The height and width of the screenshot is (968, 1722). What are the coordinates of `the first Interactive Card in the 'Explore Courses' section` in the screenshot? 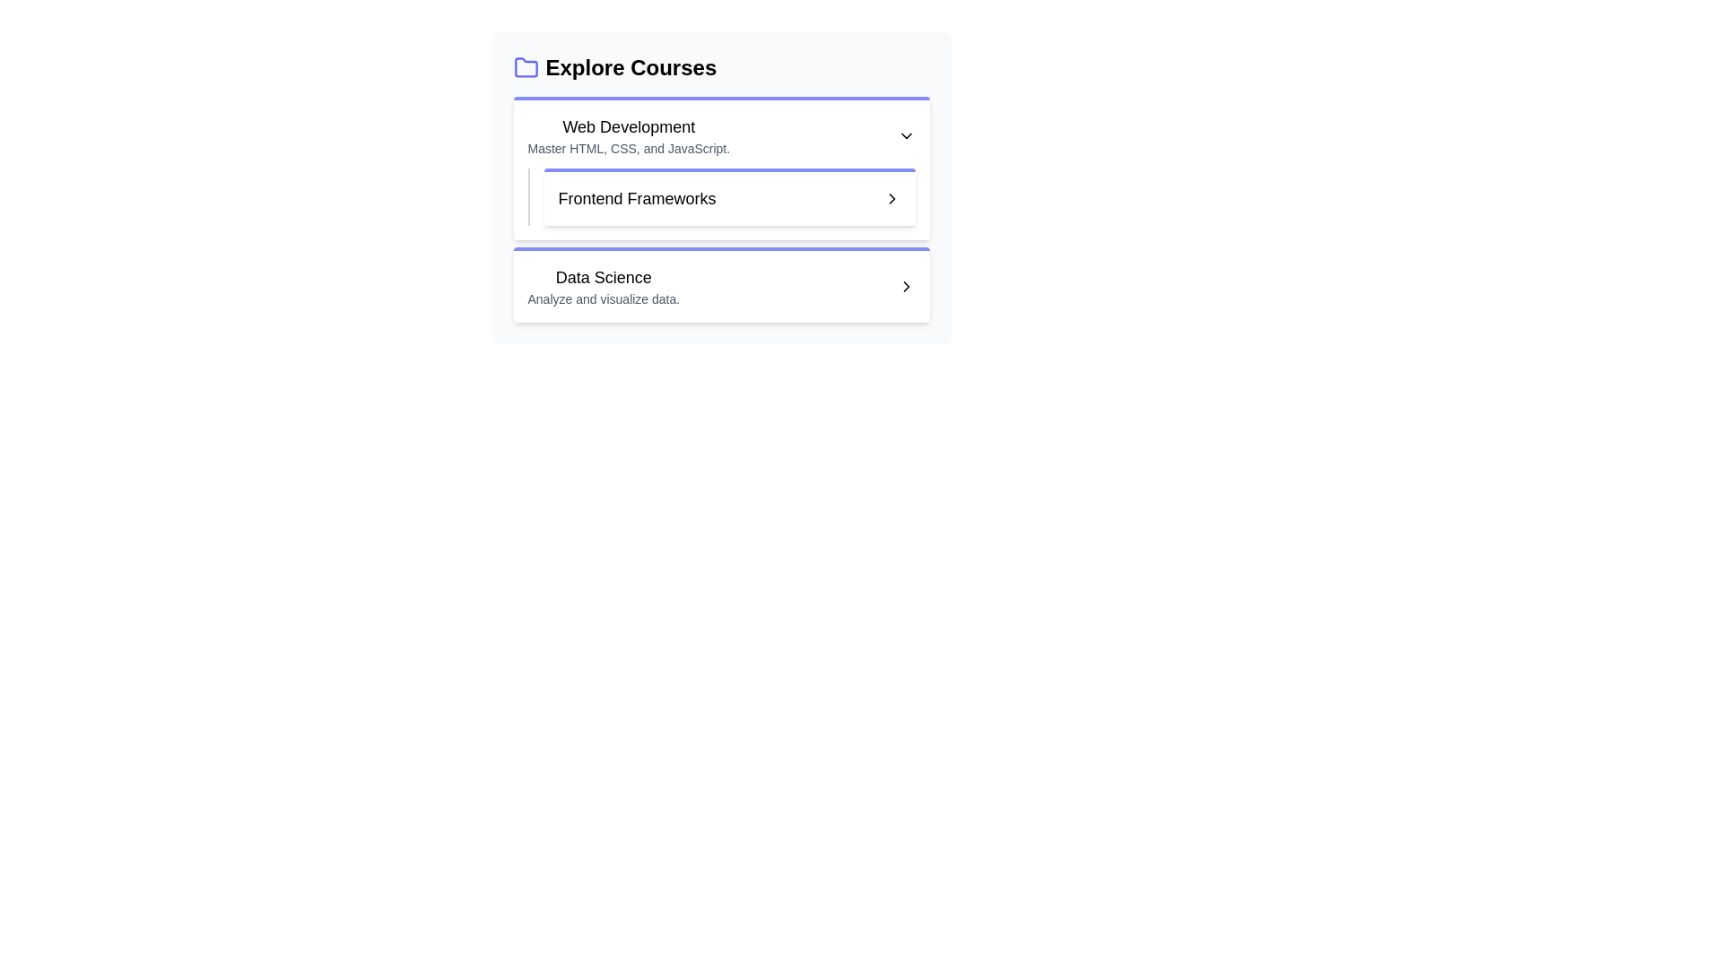 It's located at (721, 169).